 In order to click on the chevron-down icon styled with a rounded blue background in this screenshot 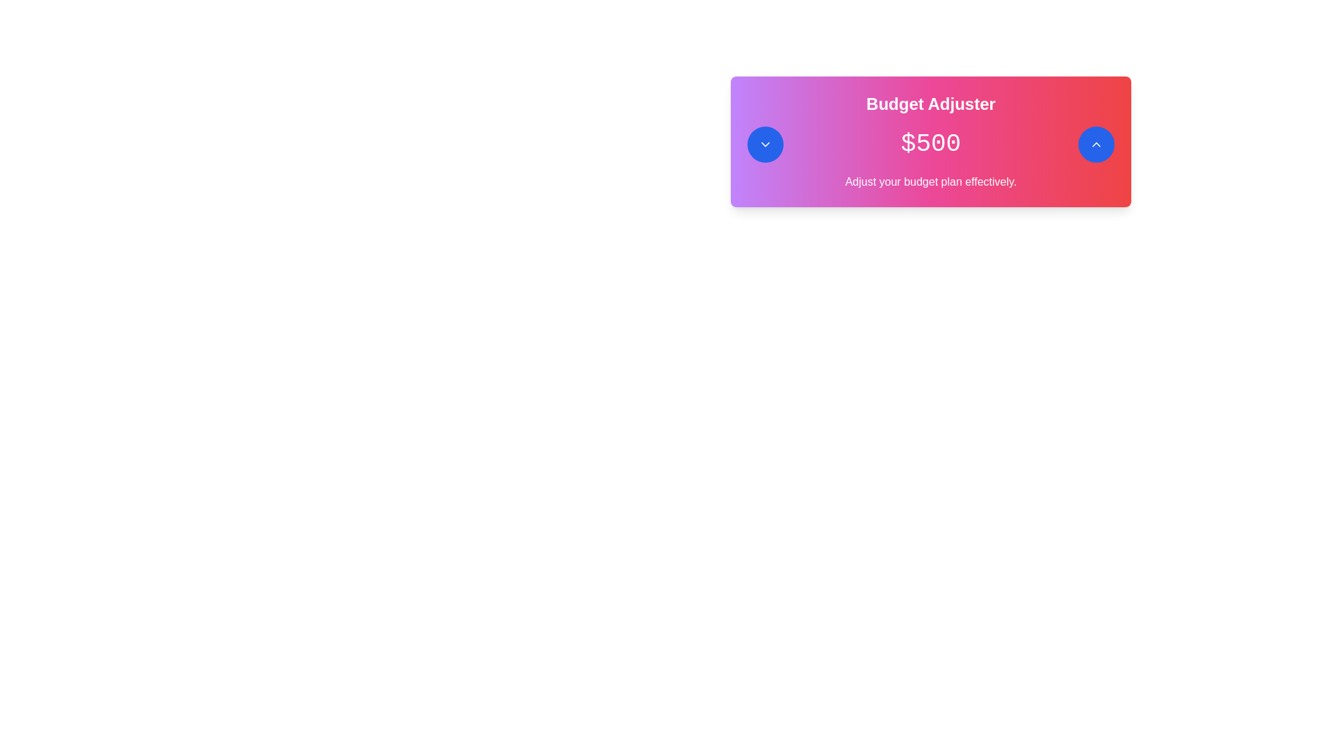, I will do `click(764, 145)`.